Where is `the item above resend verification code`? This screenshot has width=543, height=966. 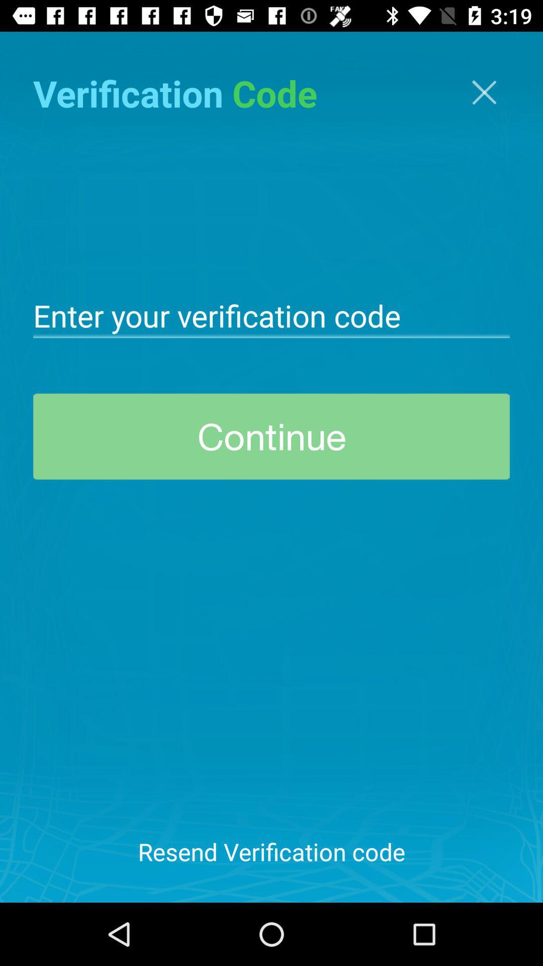 the item above resend verification code is located at coordinates (271, 436).